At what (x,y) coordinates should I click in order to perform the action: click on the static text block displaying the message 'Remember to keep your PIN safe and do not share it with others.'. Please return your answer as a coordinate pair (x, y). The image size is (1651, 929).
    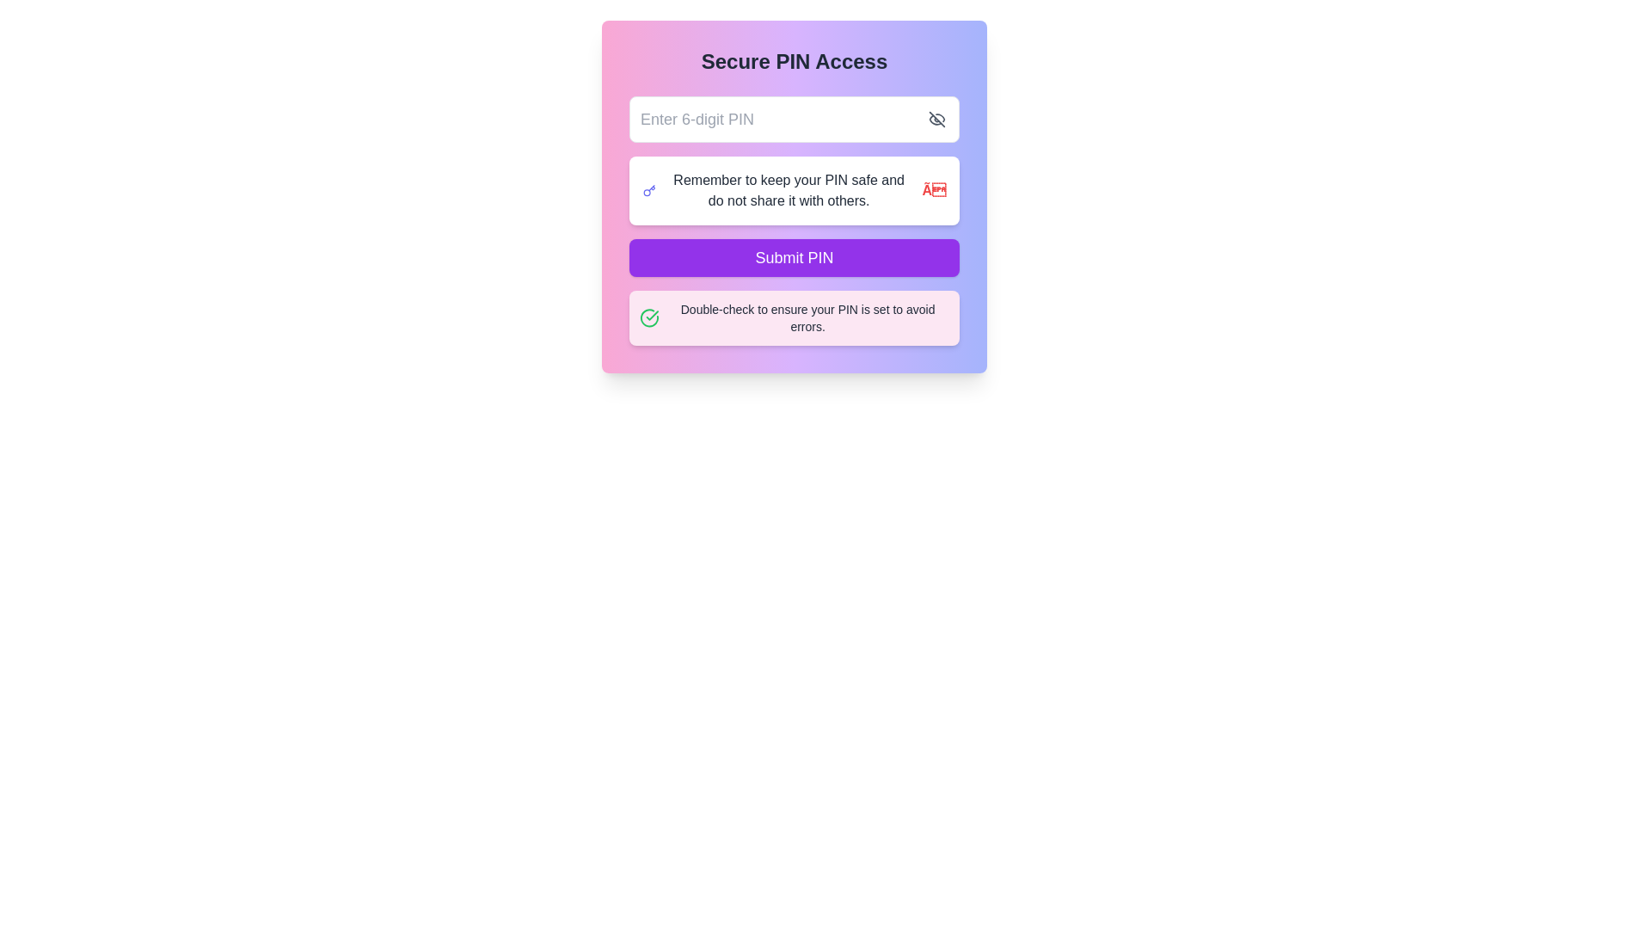
    Looking at the image, I should click on (788, 191).